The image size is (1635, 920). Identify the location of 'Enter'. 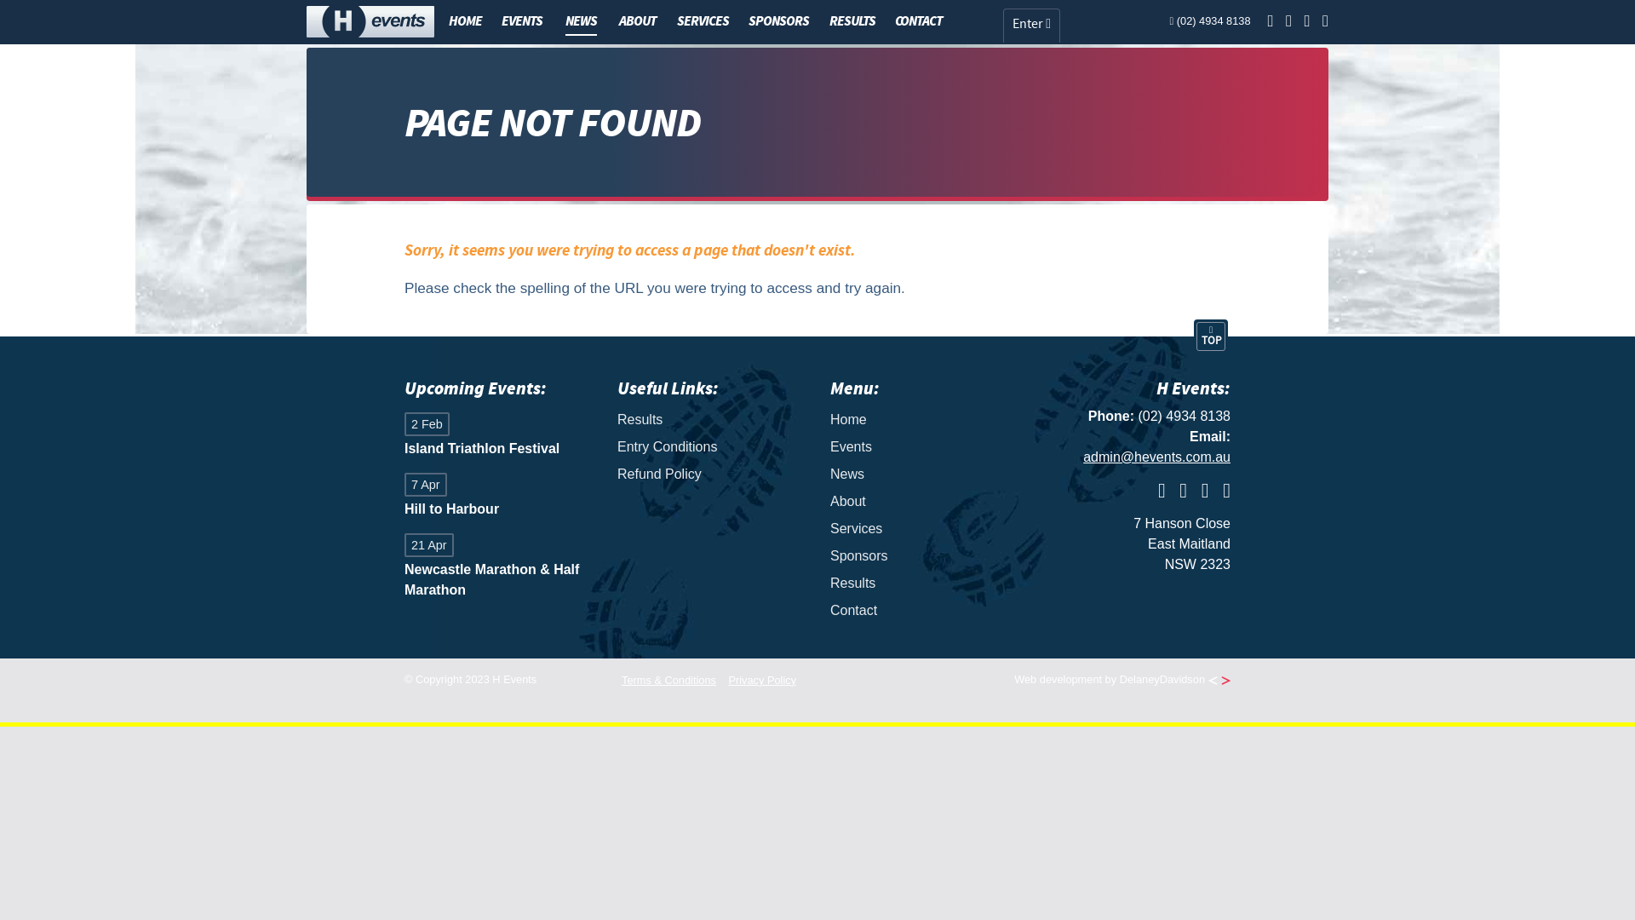
(1002, 26).